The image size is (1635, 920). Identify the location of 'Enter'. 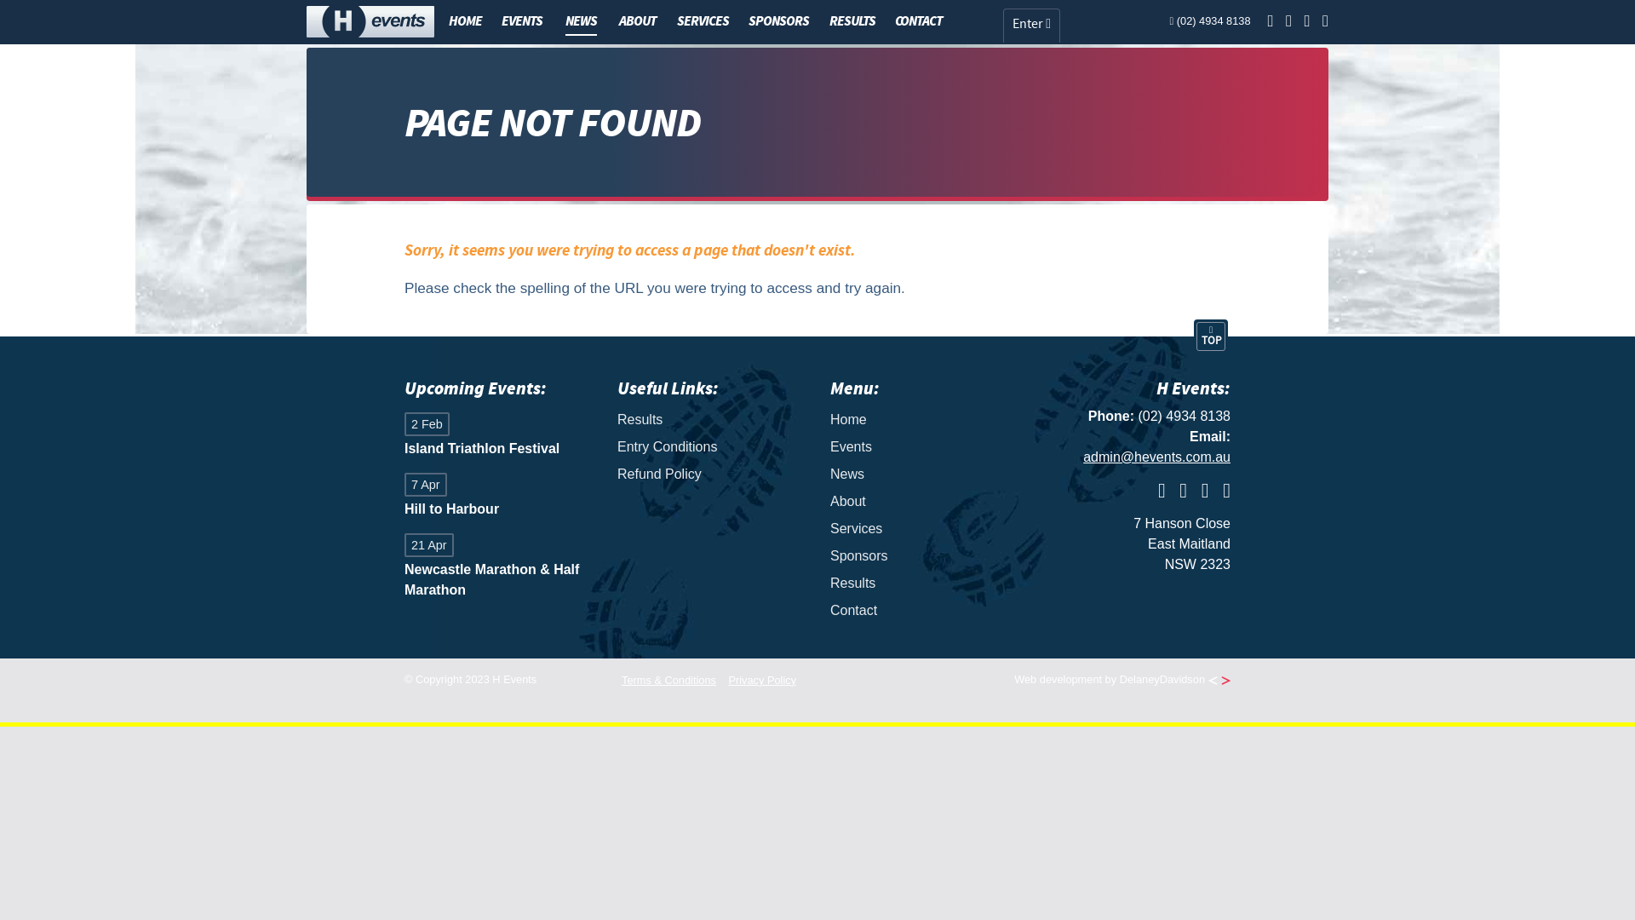
(1002, 26).